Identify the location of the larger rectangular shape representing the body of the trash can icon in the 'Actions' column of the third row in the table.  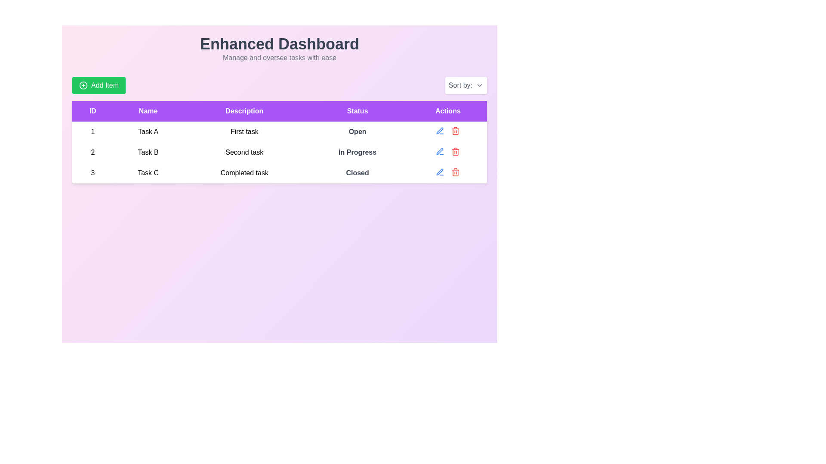
(455, 173).